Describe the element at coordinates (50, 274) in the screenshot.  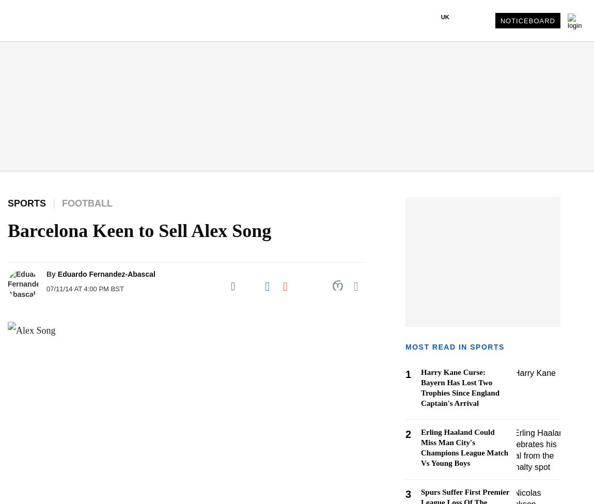
I see `'By'` at that location.